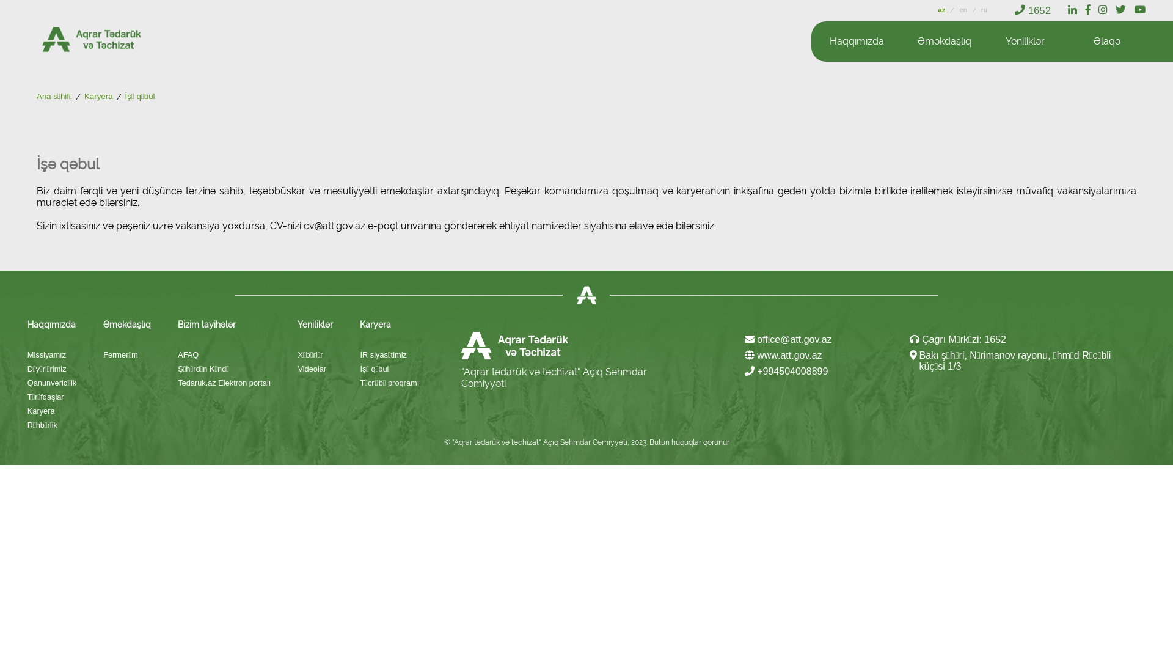 This screenshot has width=1173, height=660. What do you see at coordinates (51, 382) in the screenshot?
I see `'Qanunvericilik'` at bounding box center [51, 382].